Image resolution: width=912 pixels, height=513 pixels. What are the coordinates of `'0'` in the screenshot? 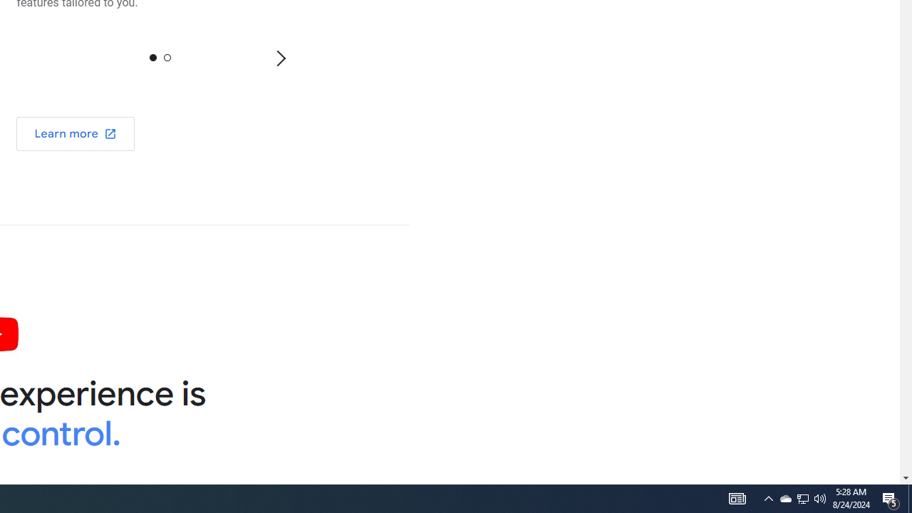 It's located at (153, 56).